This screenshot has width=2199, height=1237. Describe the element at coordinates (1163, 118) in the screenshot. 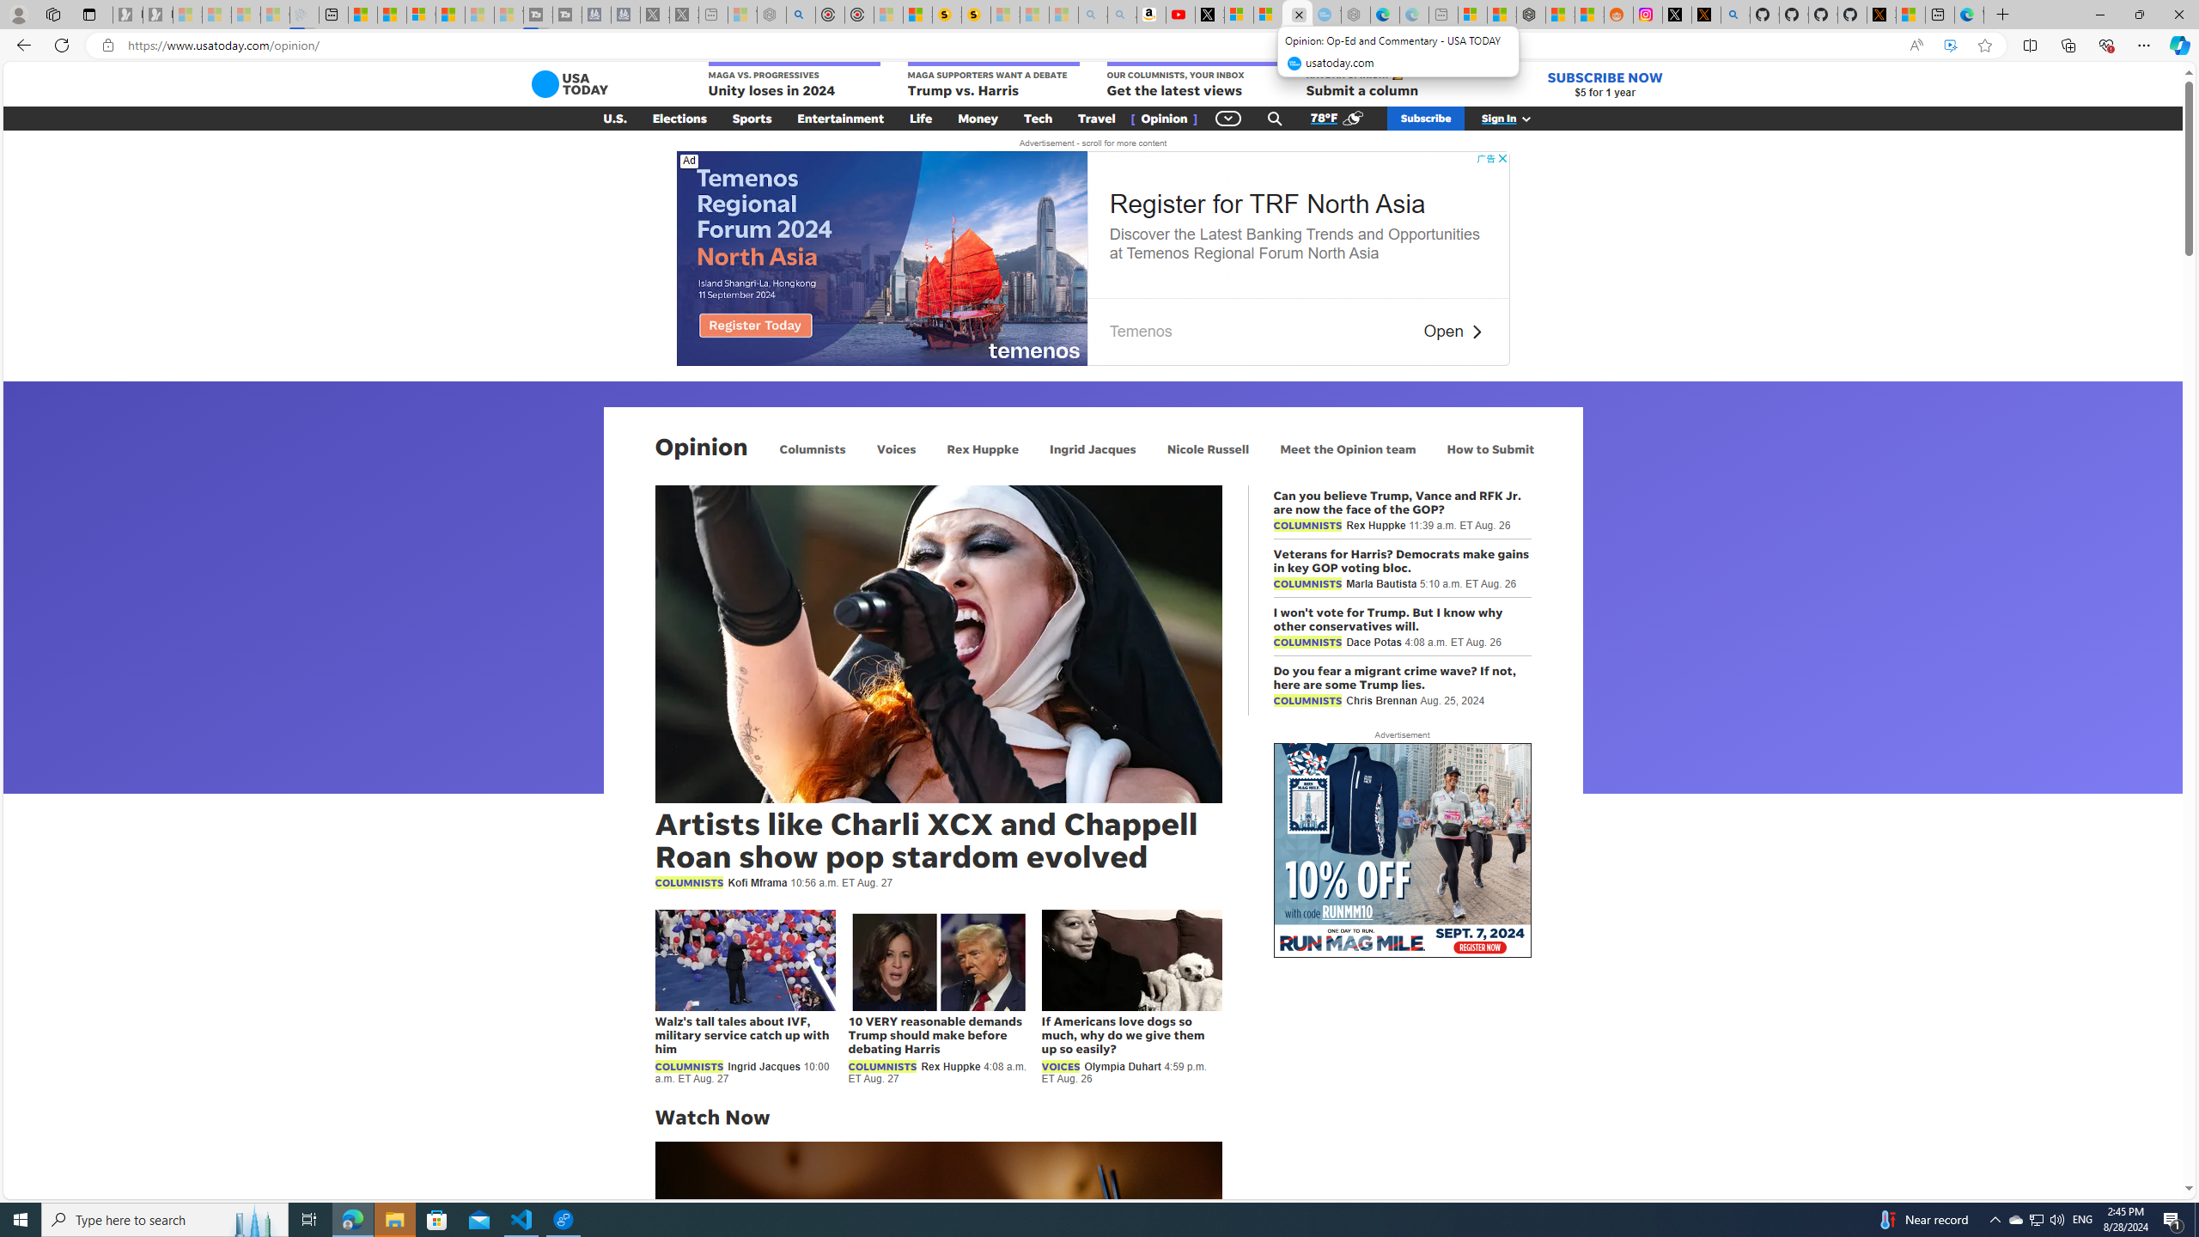

I see `'[ Opinion ]'` at that location.